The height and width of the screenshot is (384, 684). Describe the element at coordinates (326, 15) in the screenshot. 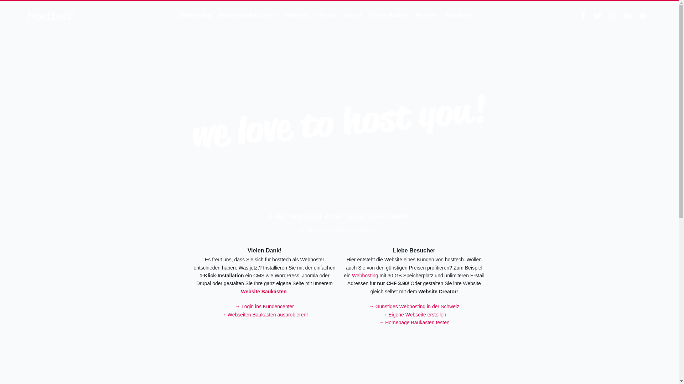

I see `'vServer'` at that location.